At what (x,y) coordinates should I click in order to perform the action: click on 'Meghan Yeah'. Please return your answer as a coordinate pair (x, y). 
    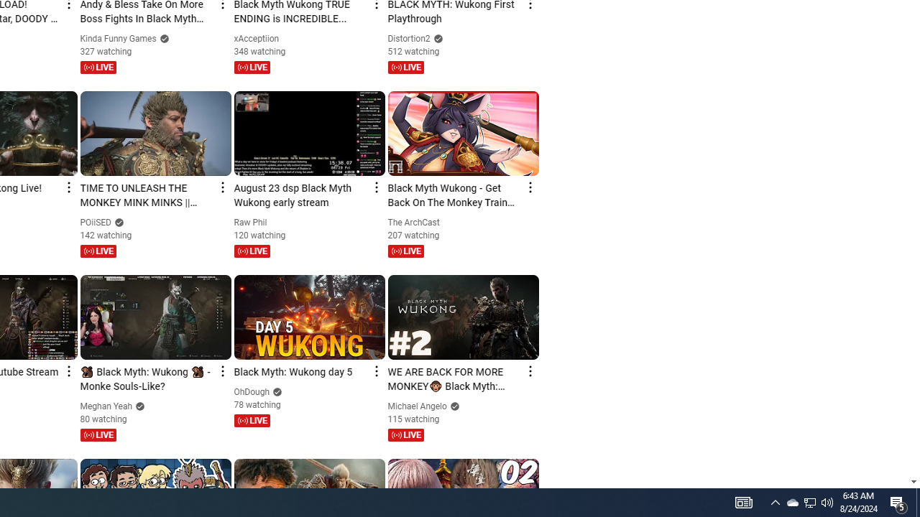
    Looking at the image, I should click on (106, 406).